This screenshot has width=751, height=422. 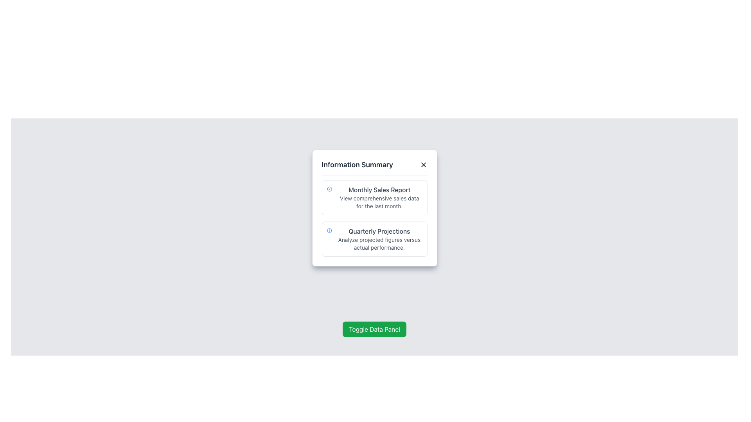 I want to click on the first Clickable card that presents an overview of monthly sales data, located within a centered modal above the 'Quarterly Projections' card, so click(x=374, y=197).